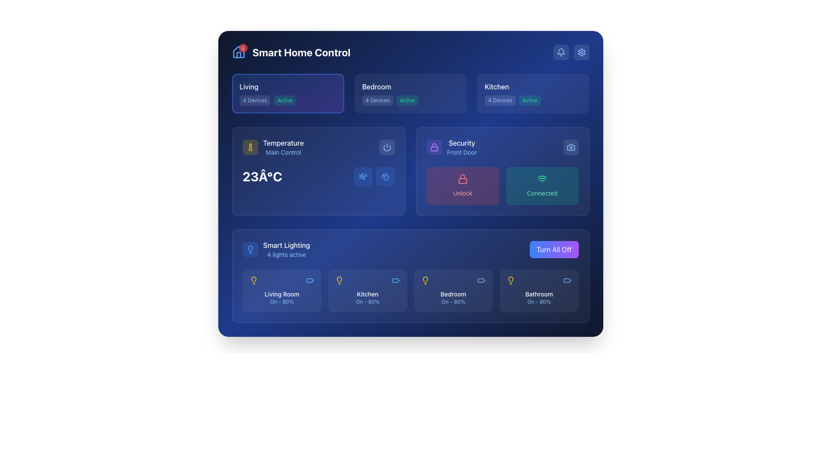 The image size is (825, 464). What do you see at coordinates (542, 185) in the screenshot?
I see `the connection status button located on the right side of the 'Security' section, adjacent to the 'Unlock' button` at bounding box center [542, 185].